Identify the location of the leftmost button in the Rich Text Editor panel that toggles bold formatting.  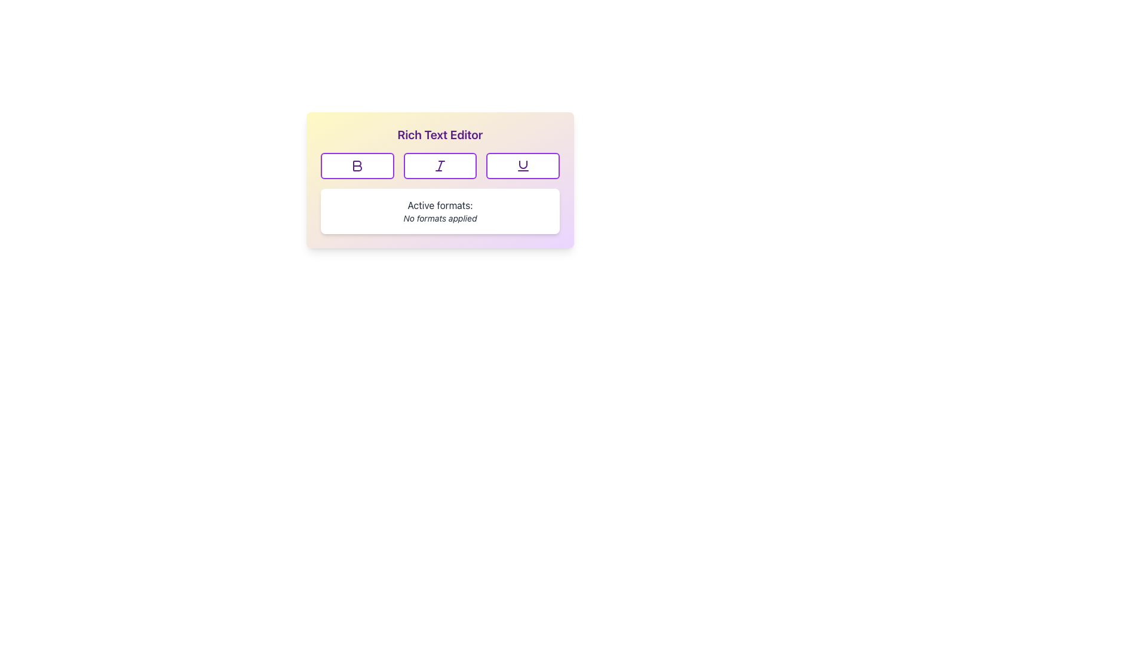
(357, 165).